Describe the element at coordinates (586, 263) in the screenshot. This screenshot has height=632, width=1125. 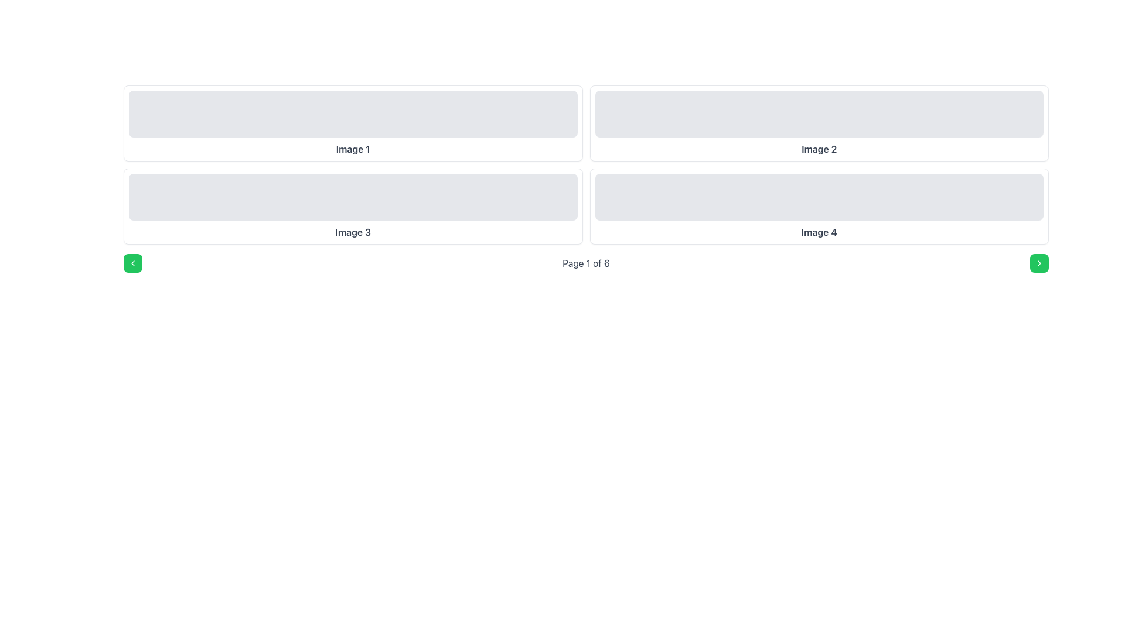
I see `the Text Label that indicates the current page number within the pagination system, located in the middle of the footer row of the grid` at that location.